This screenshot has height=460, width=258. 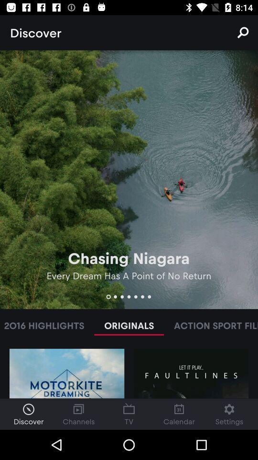 What do you see at coordinates (179, 414) in the screenshot?
I see `the button which is left to the button settings` at bounding box center [179, 414].